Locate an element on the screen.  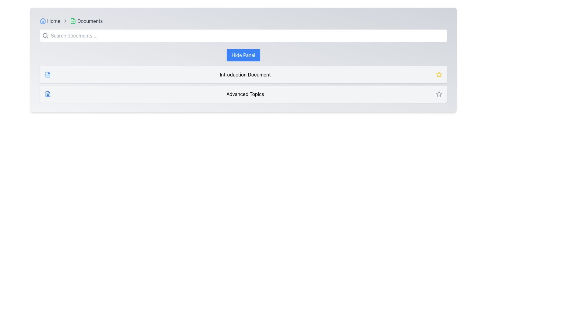
the green document icon in the breadcrumb navigation bar next to the text 'Documents' is located at coordinates (73, 21).